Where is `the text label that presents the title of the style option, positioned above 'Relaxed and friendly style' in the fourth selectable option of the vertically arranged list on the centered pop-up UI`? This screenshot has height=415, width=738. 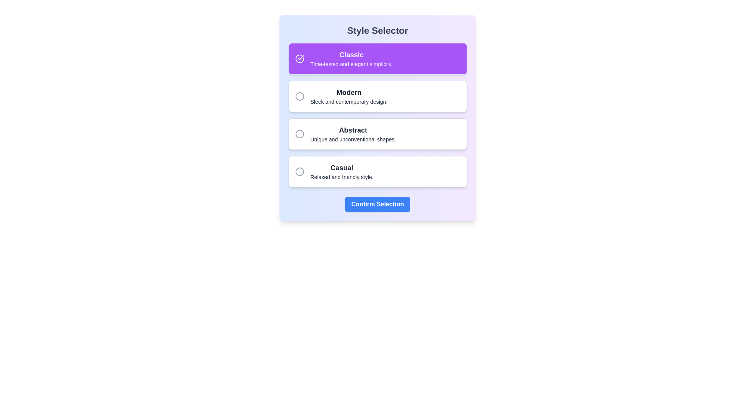
the text label that presents the title of the style option, positioned above 'Relaxed and friendly style' in the fourth selectable option of the vertically arranged list on the centered pop-up UI is located at coordinates (341, 167).